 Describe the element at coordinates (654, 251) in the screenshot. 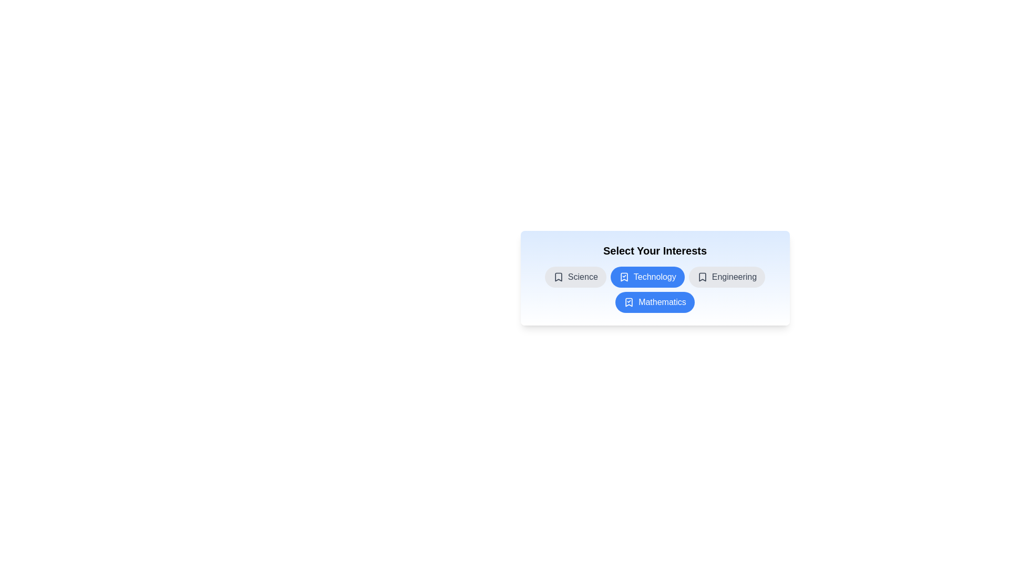

I see `the title text 'Select Your Interests' and copy it to the clipboard` at that location.